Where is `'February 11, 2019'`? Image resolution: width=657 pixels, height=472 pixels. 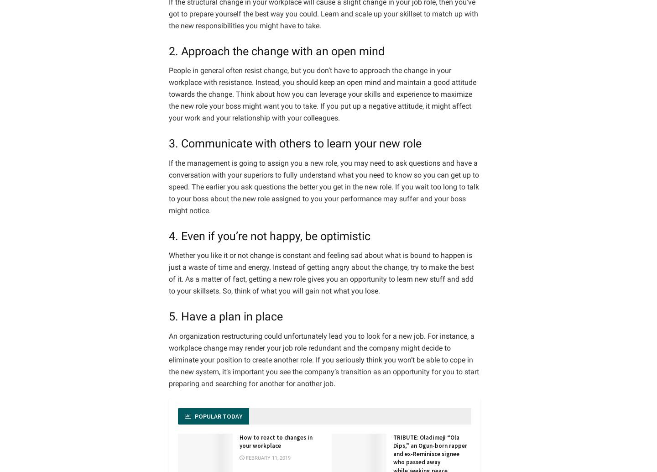 'February 11, 2019' is located at coordinates (267, 457).